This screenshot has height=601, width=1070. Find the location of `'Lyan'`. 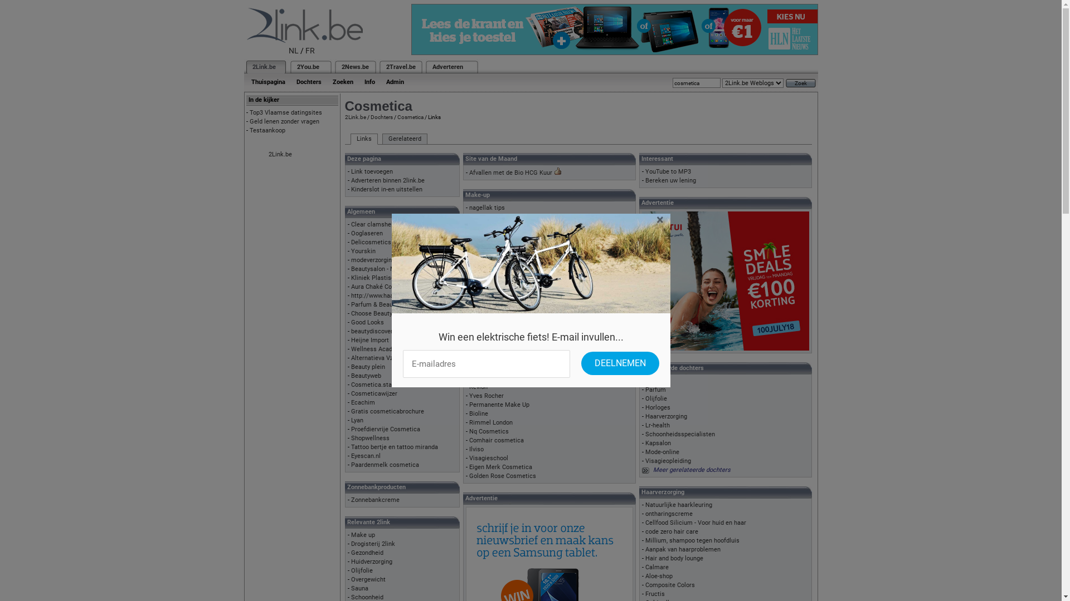

'Lyan' is located at coordinates (357, 420).